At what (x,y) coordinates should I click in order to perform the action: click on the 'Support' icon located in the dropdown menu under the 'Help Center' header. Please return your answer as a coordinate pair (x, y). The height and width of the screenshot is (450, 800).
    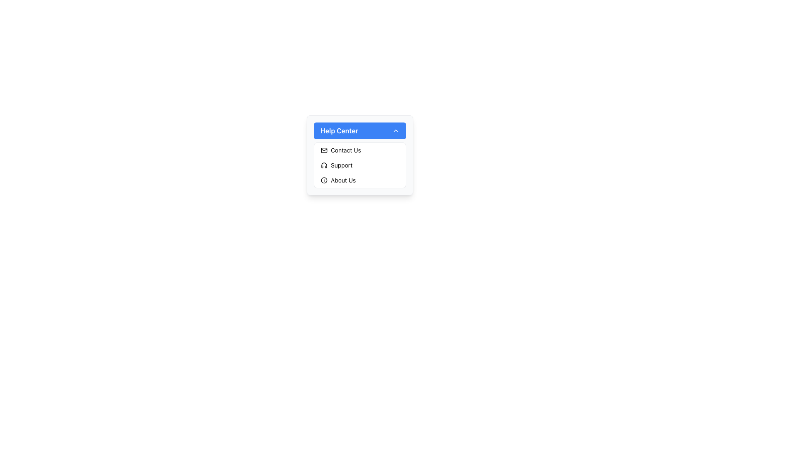
    Looking at the image, I should click on (323, 165).